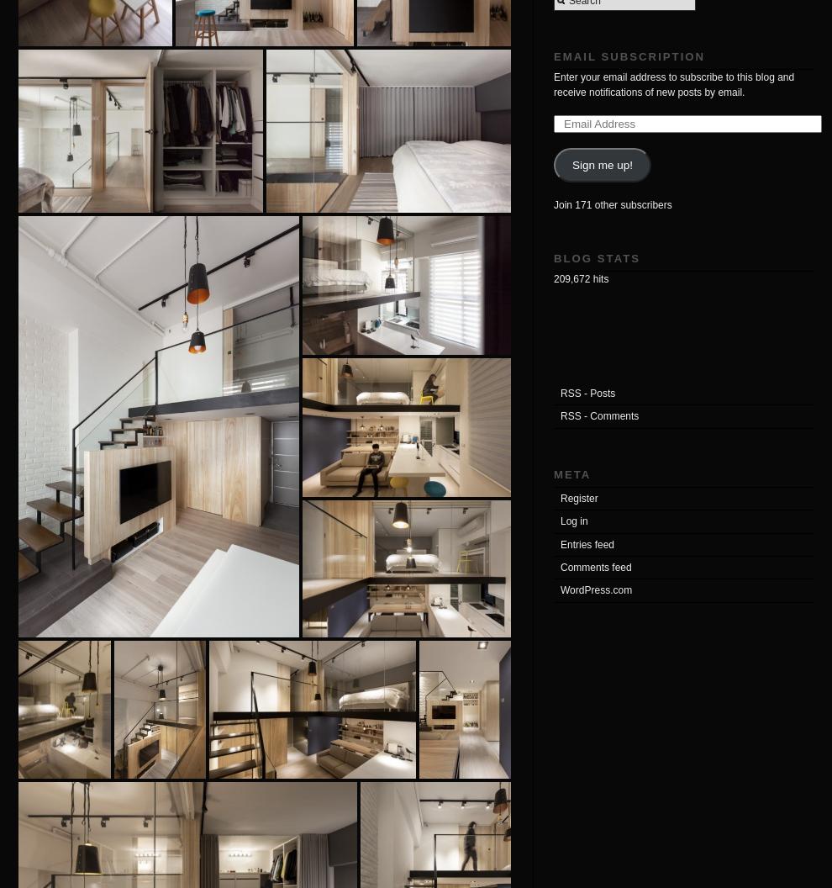  I want to click on 'Enter your email address to subscribe to this blog and receive notifications of new posts by email.', so click(554, 83).